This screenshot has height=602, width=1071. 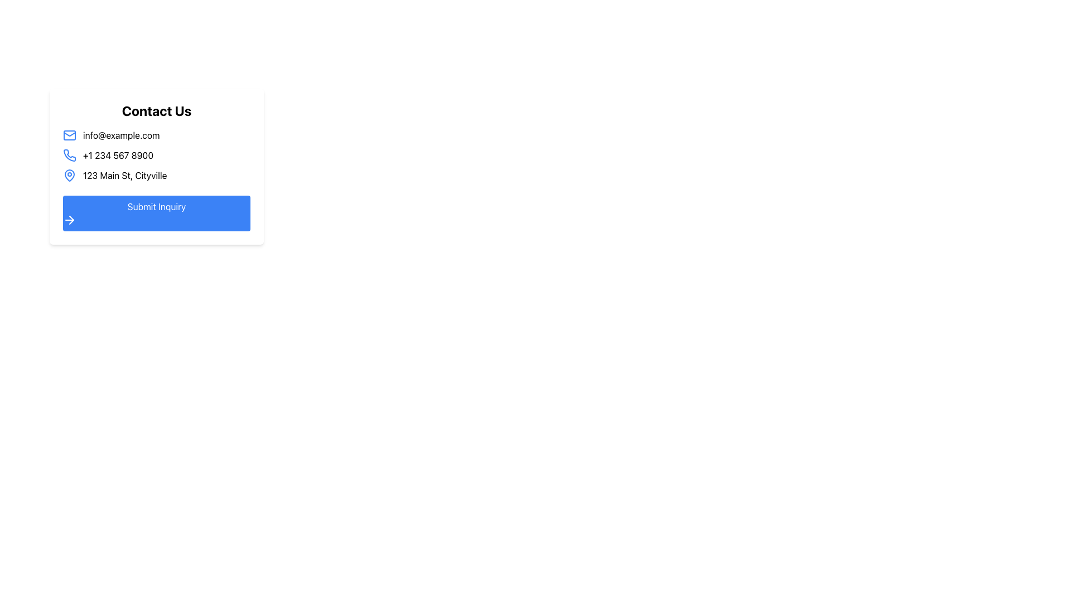 What do you see at coordinates (69, 174) in the screenshot?
I see `the blue map pin icon located next to the text '123 Main St, Cityville' in the 'Contact Us' section` at bounding box center [69, 174].